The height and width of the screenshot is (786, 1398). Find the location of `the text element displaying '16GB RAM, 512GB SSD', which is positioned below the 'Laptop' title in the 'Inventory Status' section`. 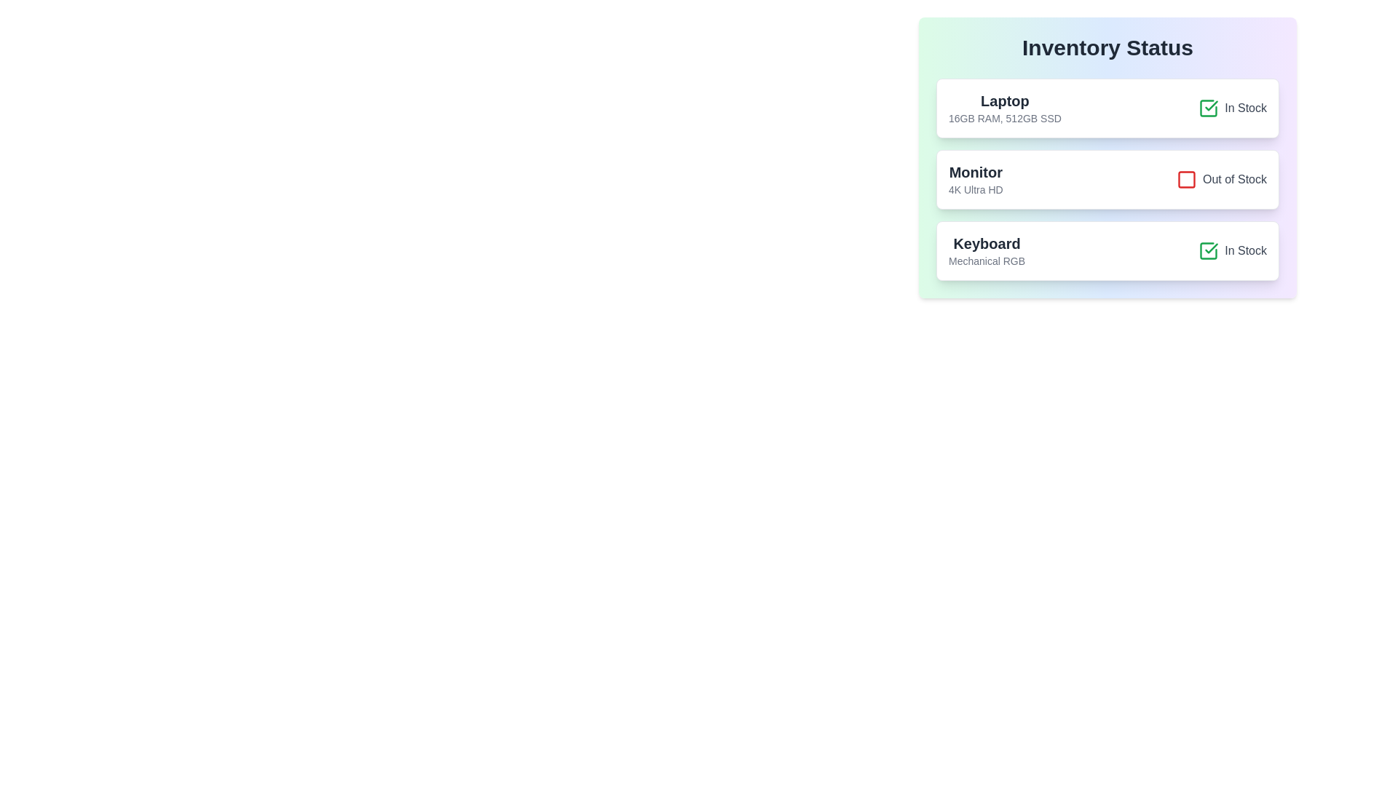

the text element displaying '16GB RAM, 512GB SSD', which is positioned below the 'Laptop' title in the 'Inventory Status' section is located at coordinates (1004, 117).